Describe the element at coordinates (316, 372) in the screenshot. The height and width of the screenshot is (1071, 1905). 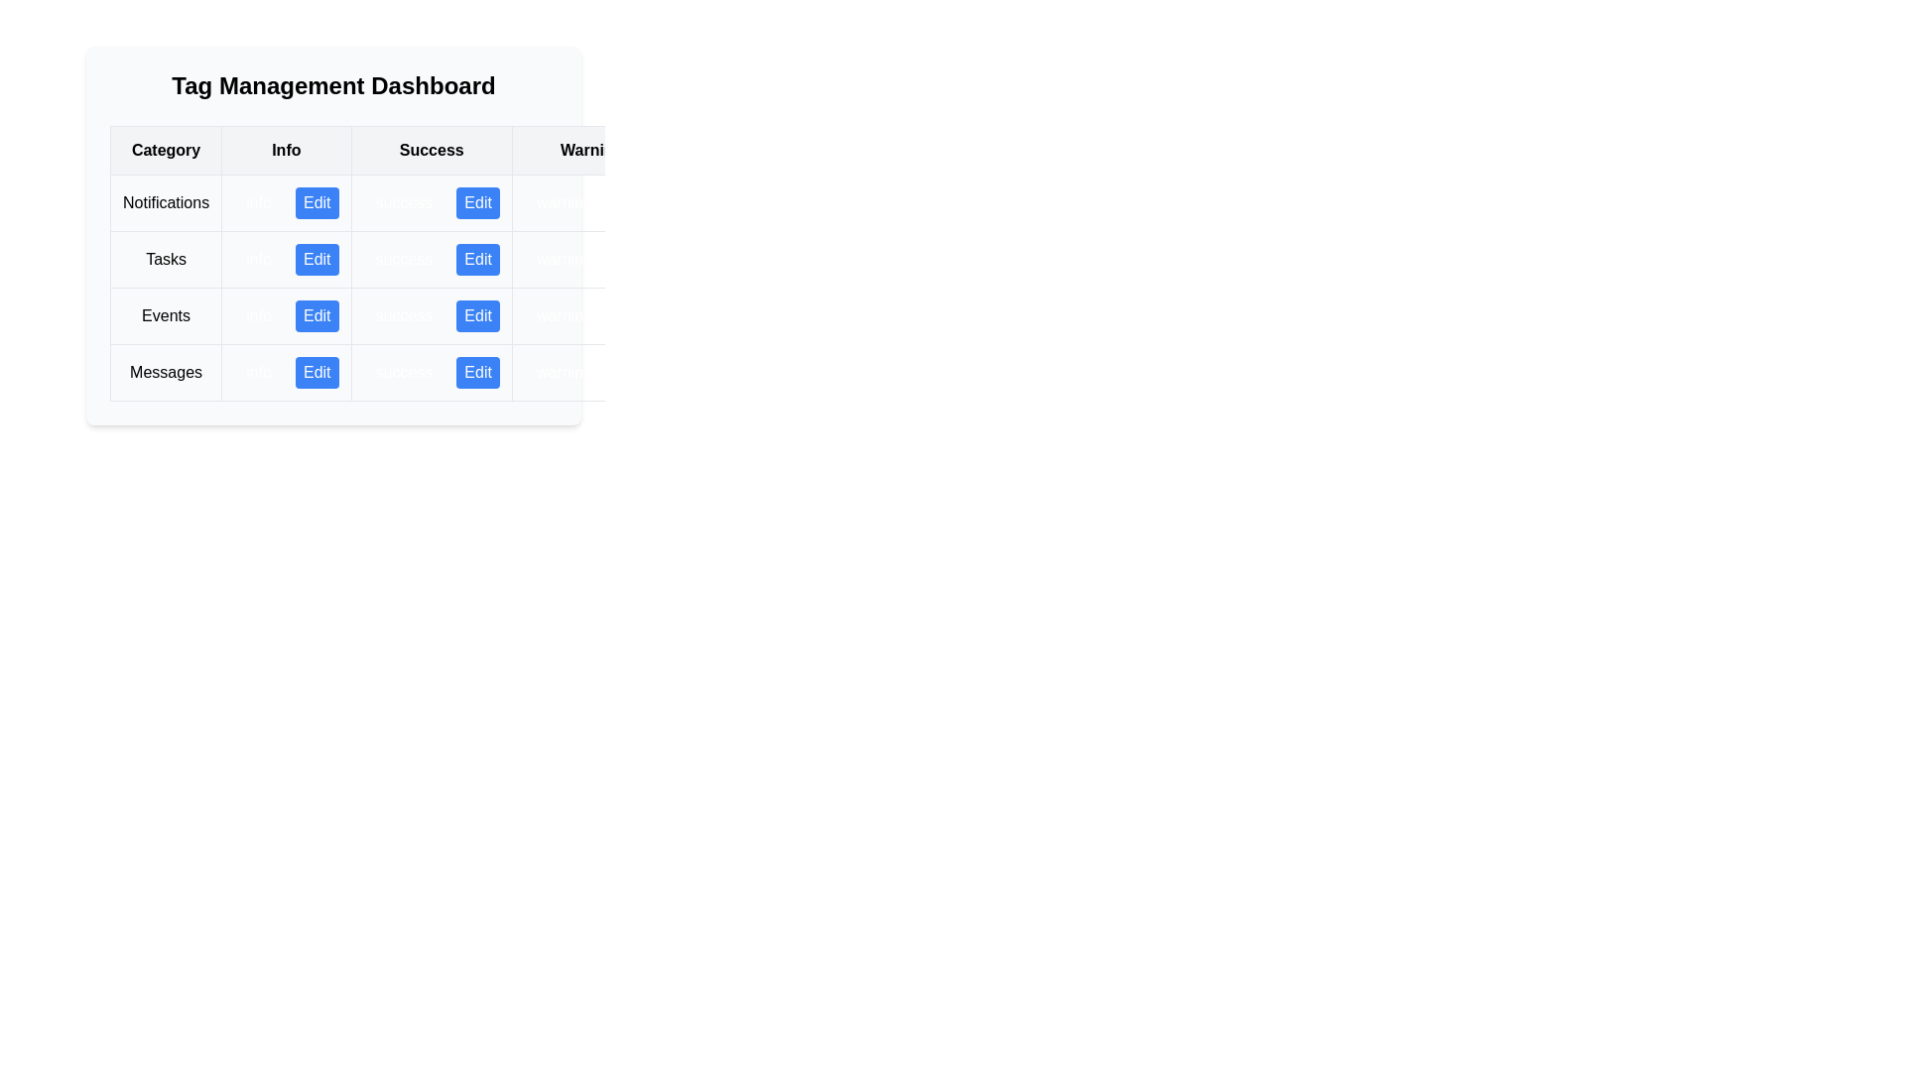
I see `the blue 'Edit' button with rounded corners located in the fourth row under the 'Info' column` at that location.